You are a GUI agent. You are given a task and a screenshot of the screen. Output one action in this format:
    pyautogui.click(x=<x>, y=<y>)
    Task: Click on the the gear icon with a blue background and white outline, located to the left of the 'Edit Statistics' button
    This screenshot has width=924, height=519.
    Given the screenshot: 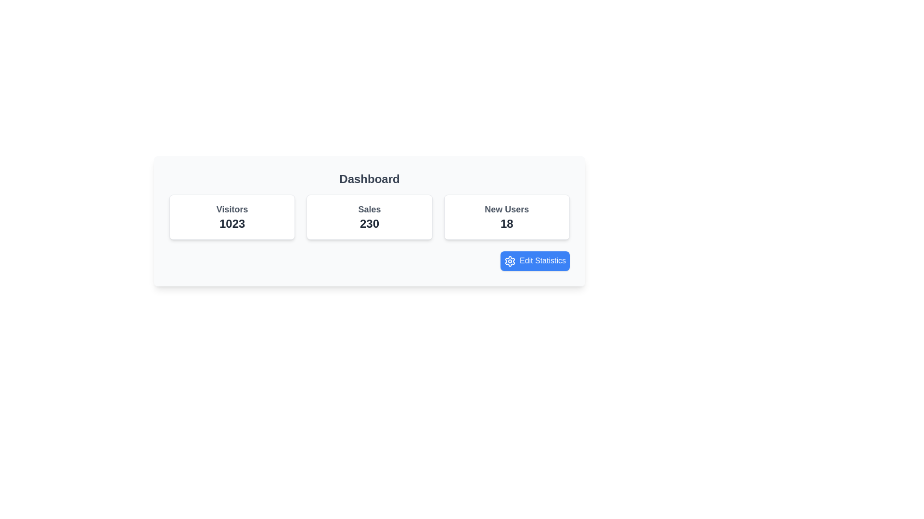 What is the action you would take?
    pyautogui.click(x=509, y=261)
    